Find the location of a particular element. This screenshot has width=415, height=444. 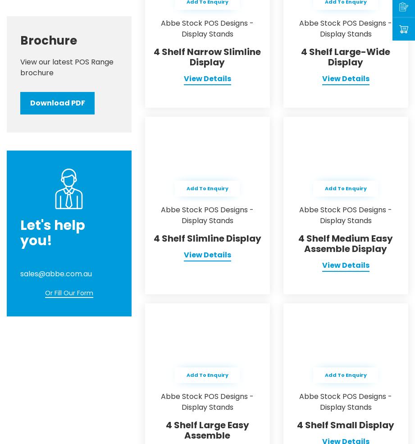

'Order' is located at coordinates (379, 28).